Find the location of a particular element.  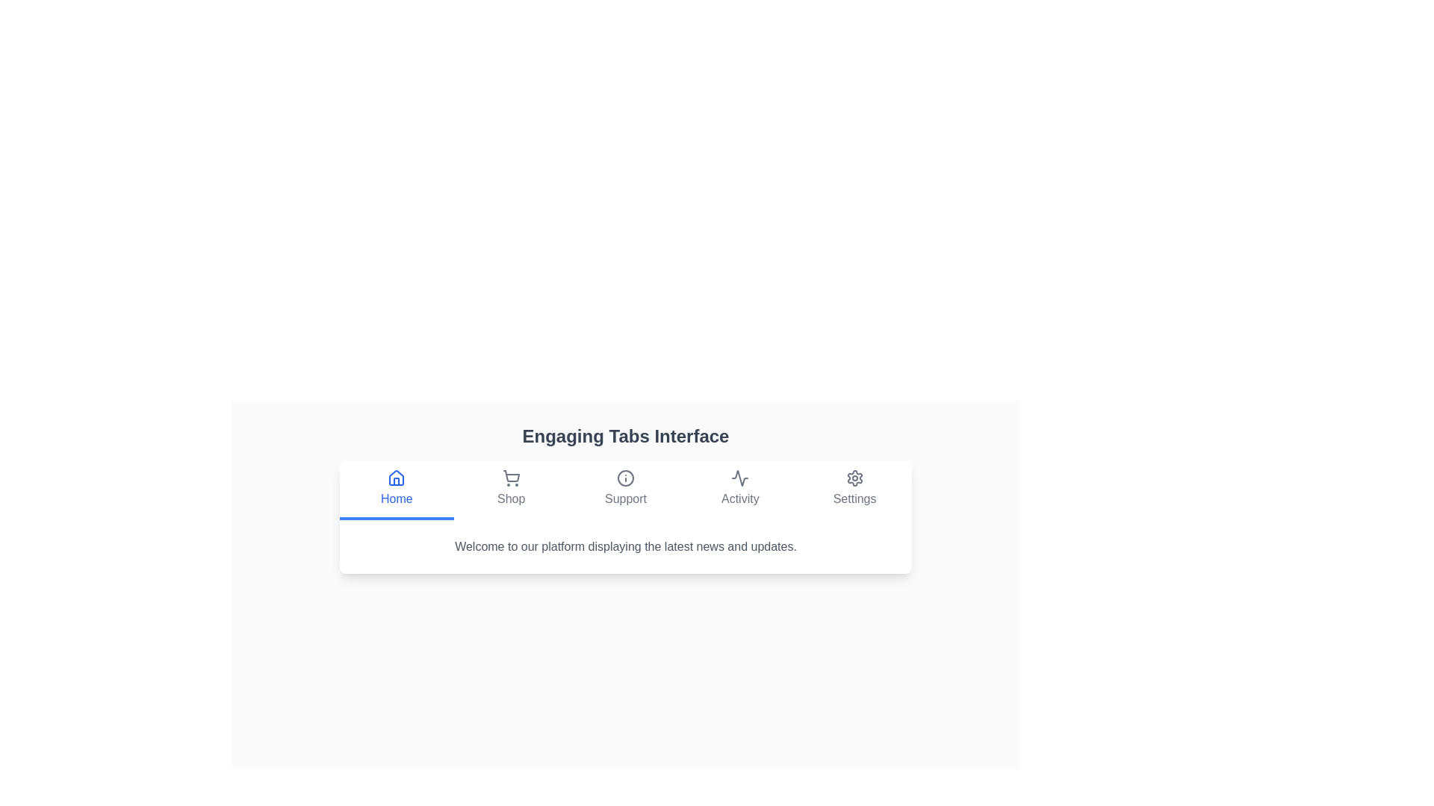

static informational text displaying the message 'Welcome to our platform displaying the latest news and updates.' located beneath the navigation bar is located at coordinates (626, 546).